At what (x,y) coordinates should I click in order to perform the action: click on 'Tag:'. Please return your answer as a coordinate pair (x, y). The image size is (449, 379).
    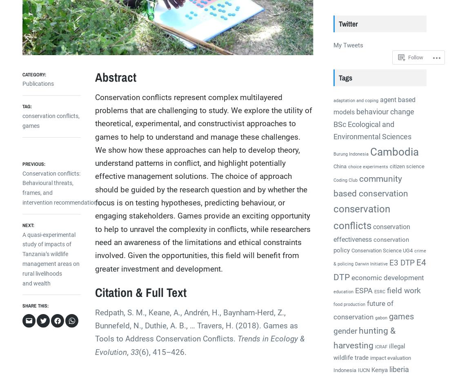
    Looking at the image, I should click on (27, 106).